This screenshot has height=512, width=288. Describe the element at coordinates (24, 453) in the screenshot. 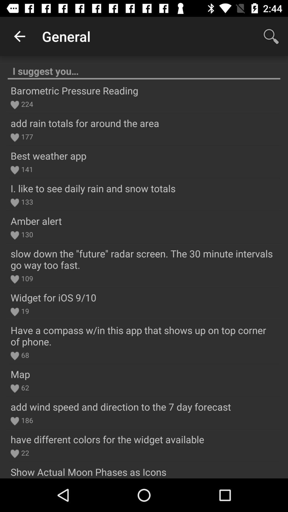

I see `22 item` at that location.